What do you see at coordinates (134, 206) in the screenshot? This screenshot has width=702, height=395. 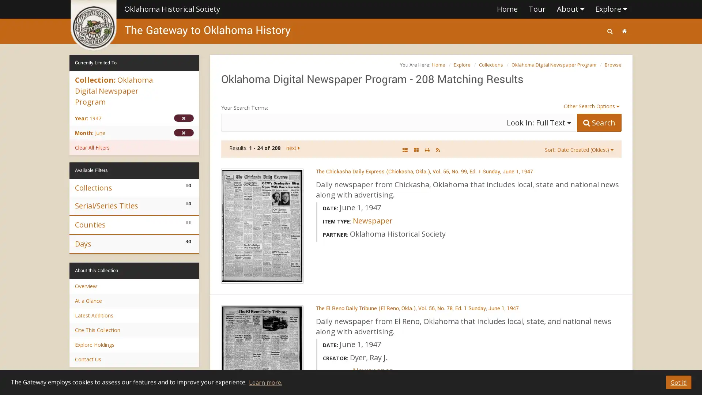 I see `Filter these results to one of 14 Serial/Series Titles` at bounding box center [134, 206].